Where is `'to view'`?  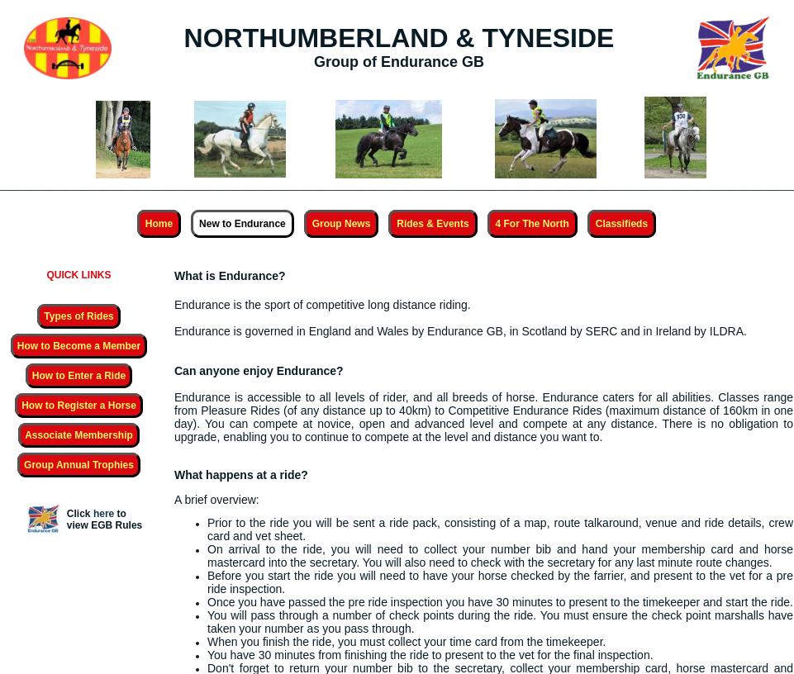
'to view' is located at coordinates (94, 518).